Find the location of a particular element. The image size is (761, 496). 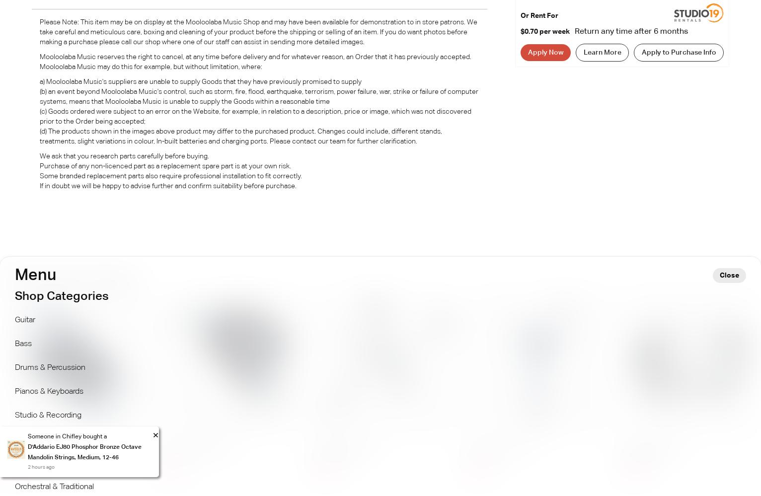

'Dixon Rack Flex Rack Series Ho' is located at coordinates (35, 455).